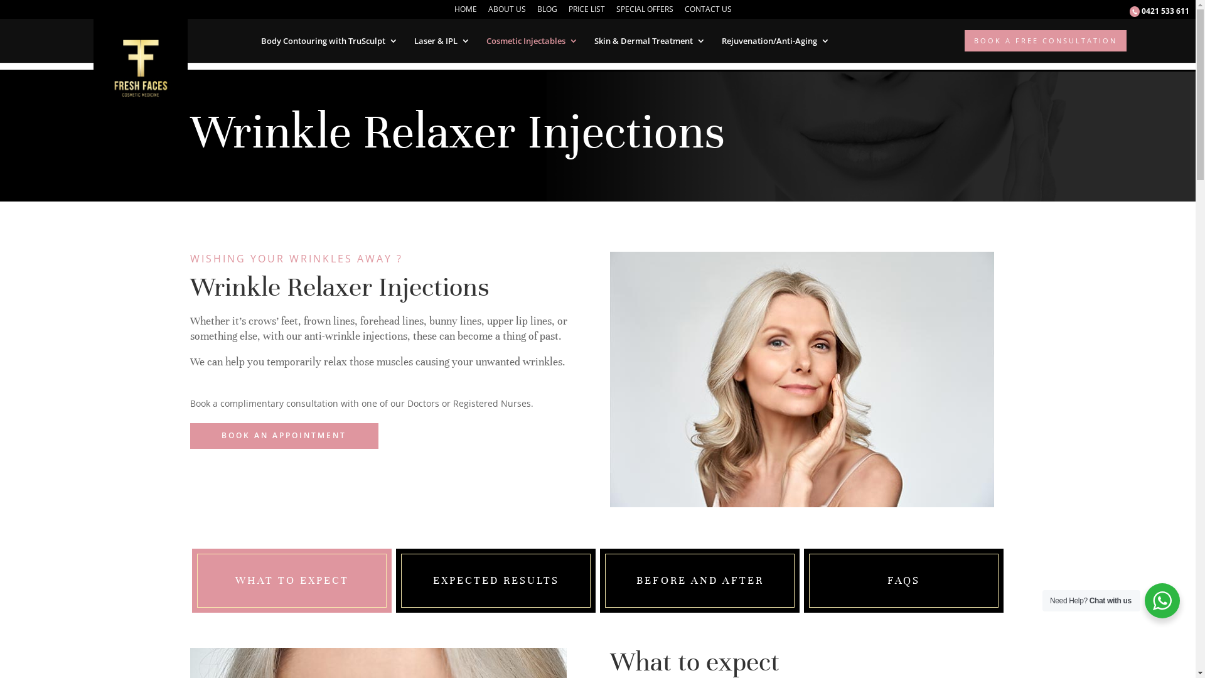 The image size is (1205, 678). Describe the element at coordinates (485, 40) in the screenshot. I see `'Cosmetic Injectables'` at that location.